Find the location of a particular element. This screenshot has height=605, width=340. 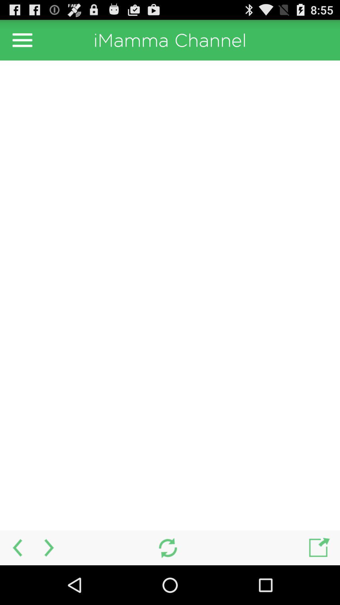

forward button is located at coordinates (49, 547).